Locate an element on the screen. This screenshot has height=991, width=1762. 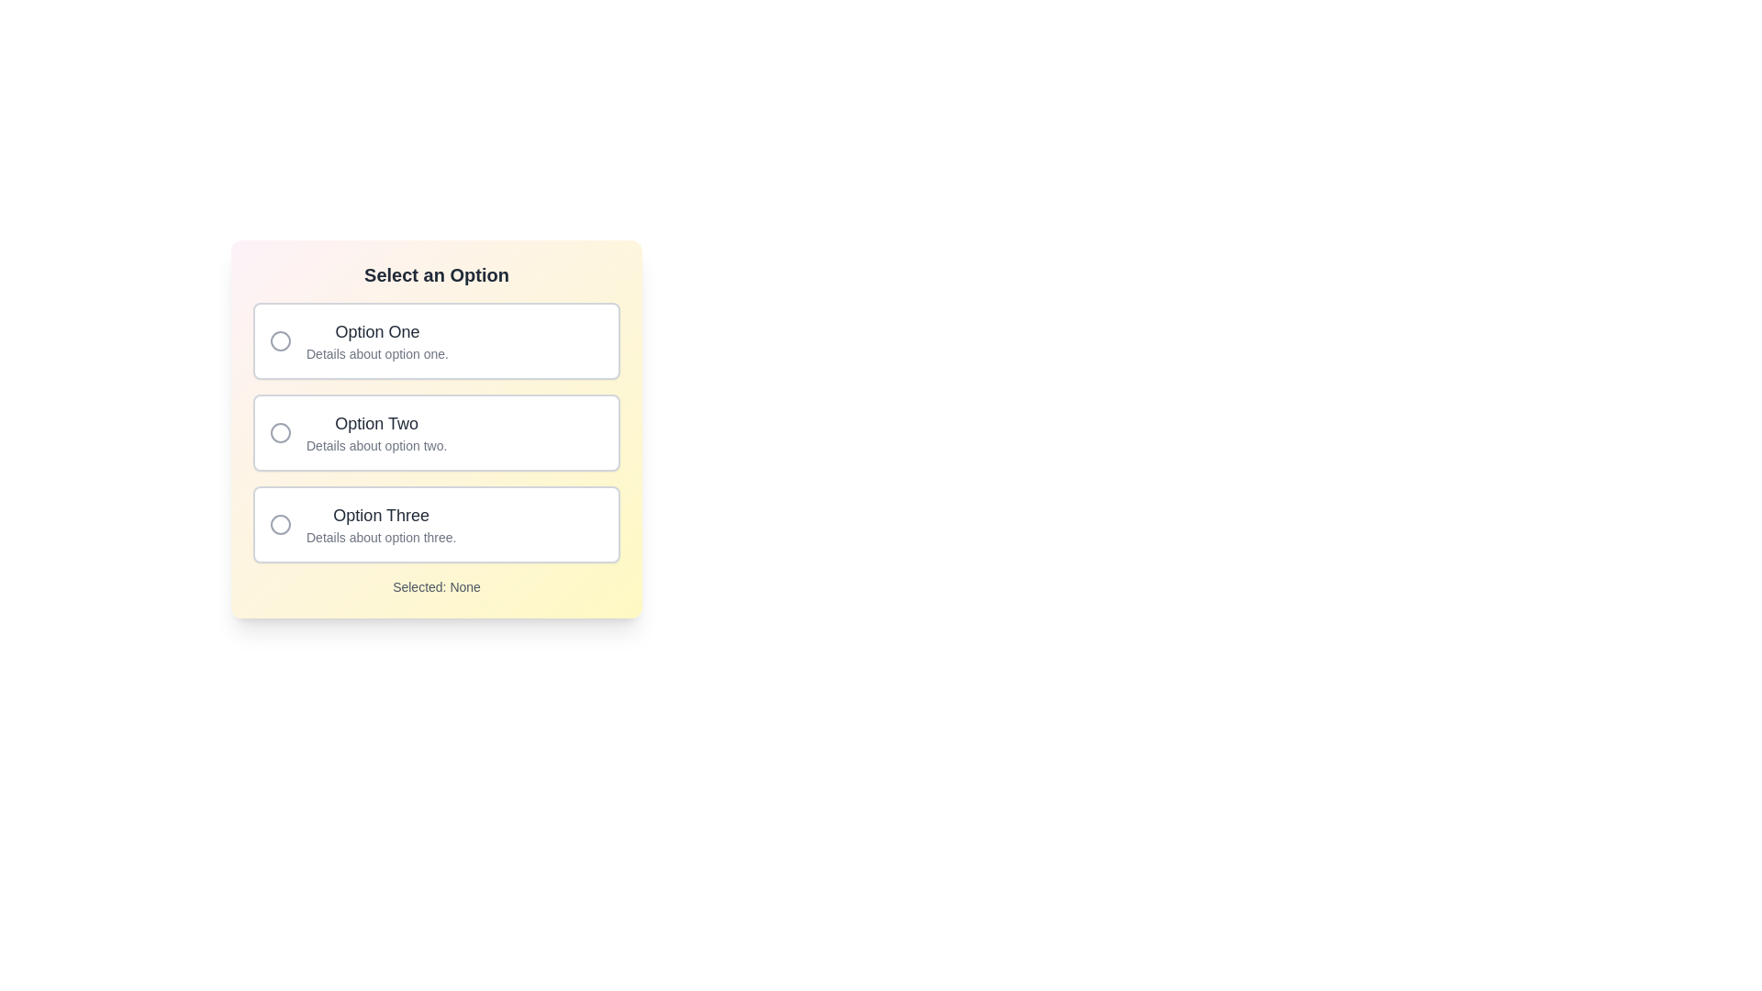
information from the Text Content Block which contains the header 'Option One' and the details 'Details about option one.' located below the circular radio button in the first option card is located at coordinates (376, 340).